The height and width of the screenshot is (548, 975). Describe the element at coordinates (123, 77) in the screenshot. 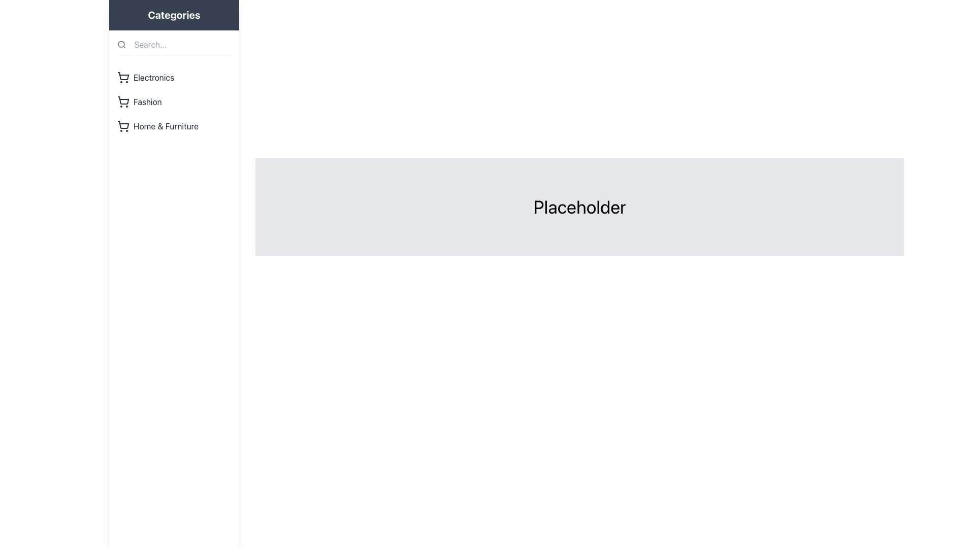

I see `the shopping cart icon, which is a line-drawn cart outline with two circular wheels, located to the left of the 'Electronics' text in the vertical category navigation bar` at that location.